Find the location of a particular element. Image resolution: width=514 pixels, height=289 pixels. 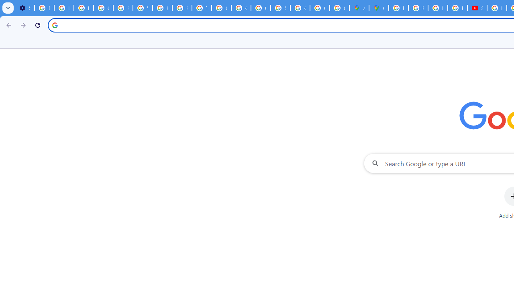

'Learn how to find your photos - Google Photos Help' is located at coordinates (63, 8).